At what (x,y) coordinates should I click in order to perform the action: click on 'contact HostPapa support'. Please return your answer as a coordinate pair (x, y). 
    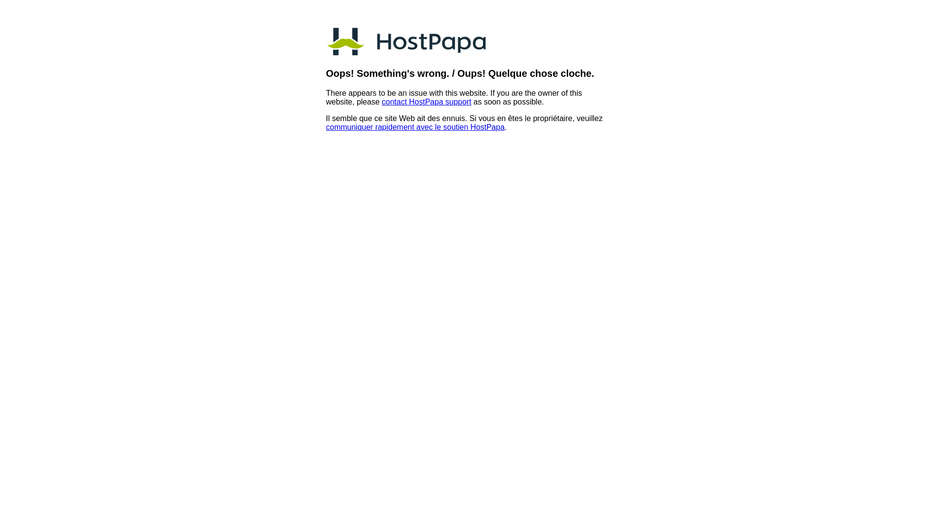
    Looking at the image, I should click on (381, 102).